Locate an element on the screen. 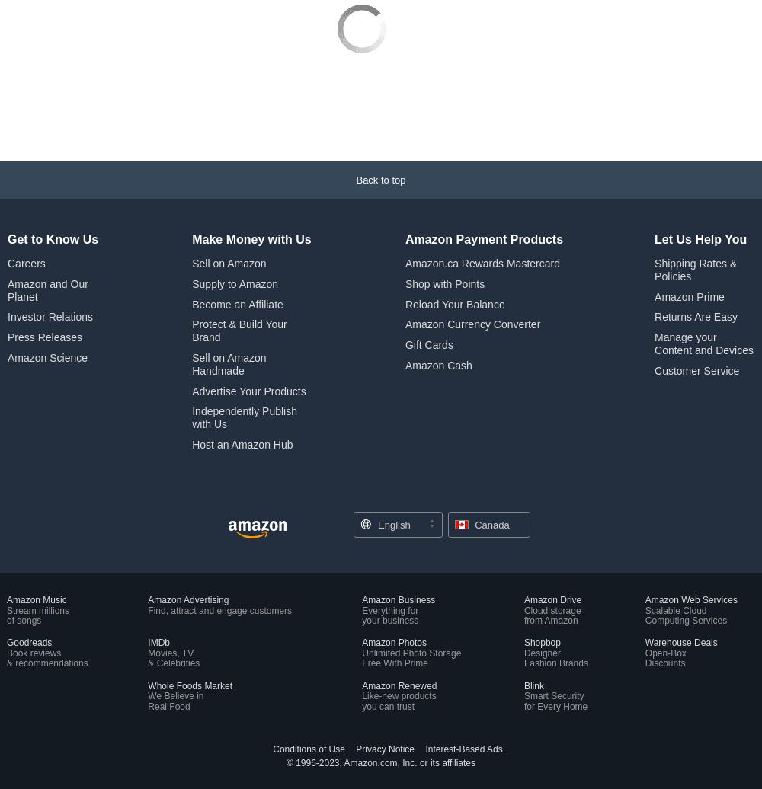 This screenshot has width=762, height=789. 'Cloud storage' is located at coordinates (551, 507).